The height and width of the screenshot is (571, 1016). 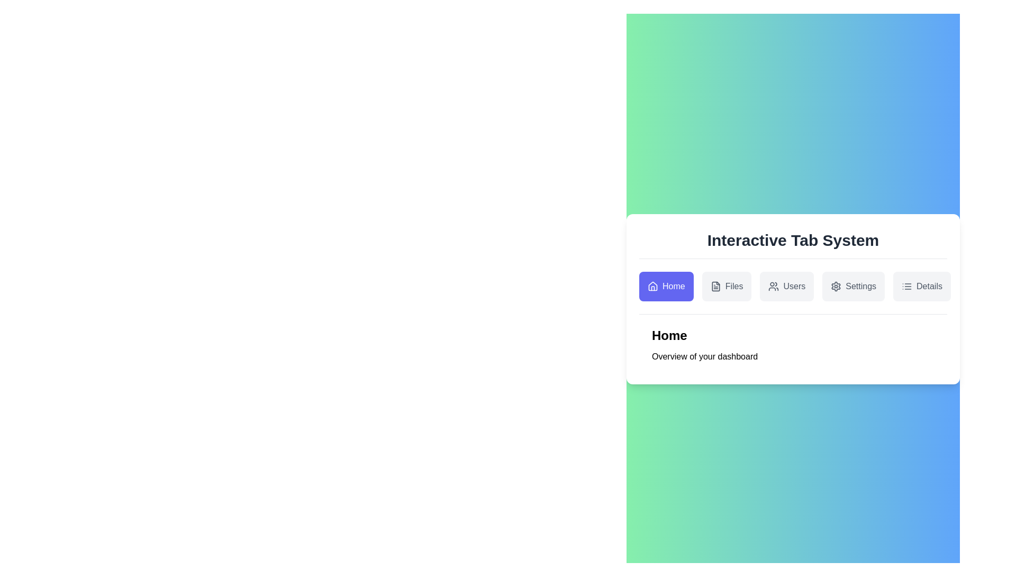 What do you see at coordinates (666, 287) in the screenshot?
I see `the purple 'Home' button with a white house icon` at bounding box center [666, 287].